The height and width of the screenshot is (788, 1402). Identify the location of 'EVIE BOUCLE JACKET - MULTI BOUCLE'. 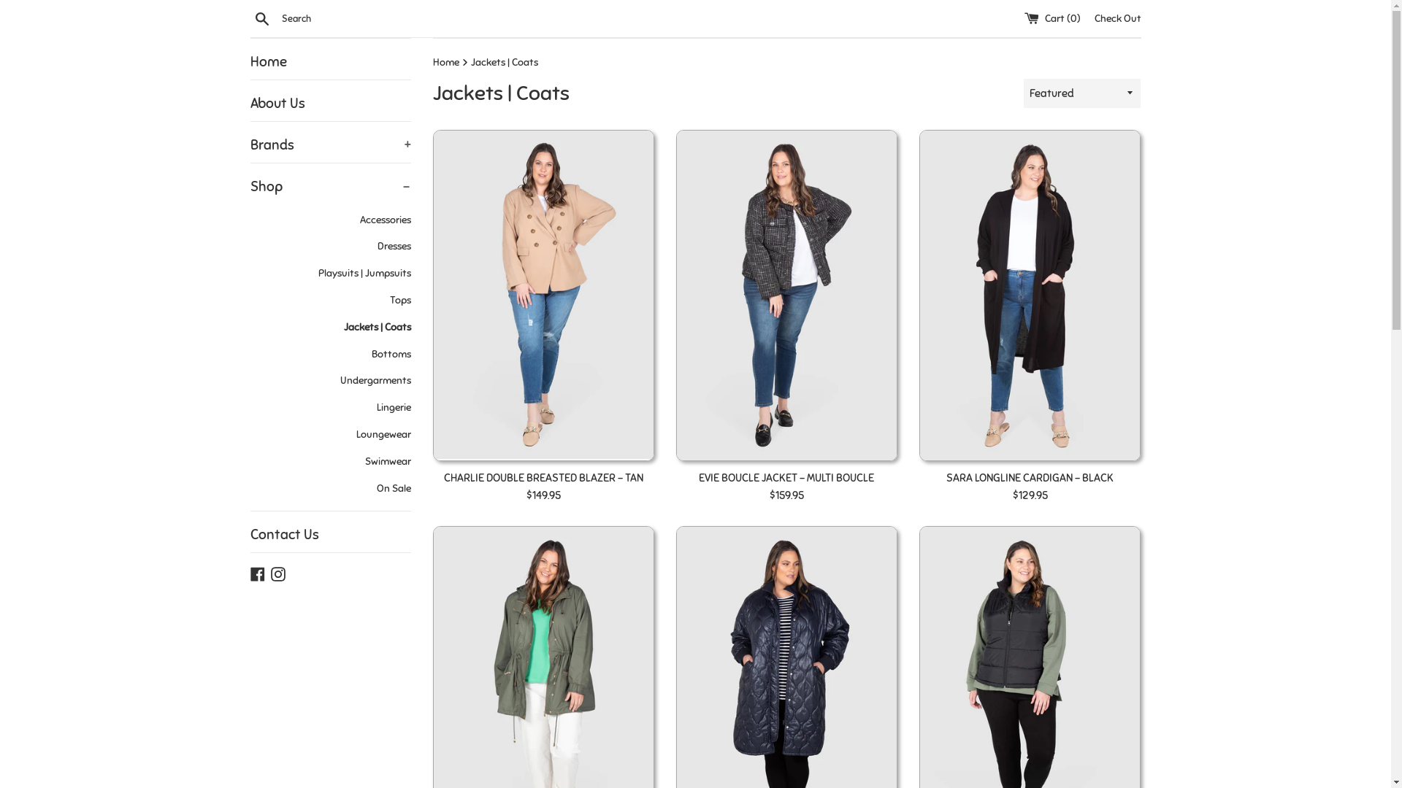
(785, 478).